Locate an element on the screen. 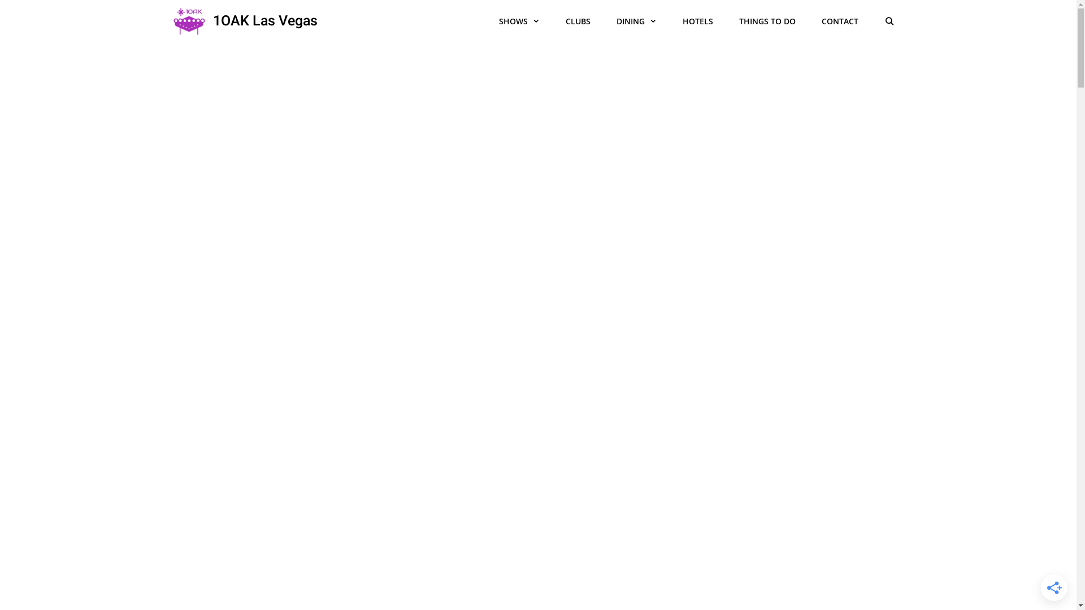  '1OAK Las Vegas' is located at coordinates (189, 21).